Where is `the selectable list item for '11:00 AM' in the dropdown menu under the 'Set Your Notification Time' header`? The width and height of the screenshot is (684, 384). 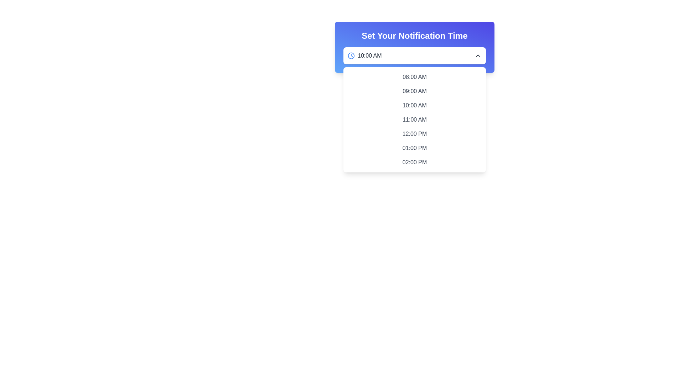
the selectable list item for '11:00 AM' in the dropdown menu under the 'Set Your Notification Time' header is located at coordinates (414, 119).